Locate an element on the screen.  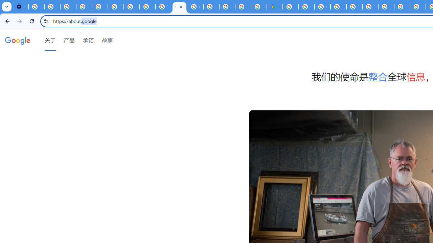
'Delete photos & videos - Computer - Google Photos Help' is located at coordinates (36, 7).